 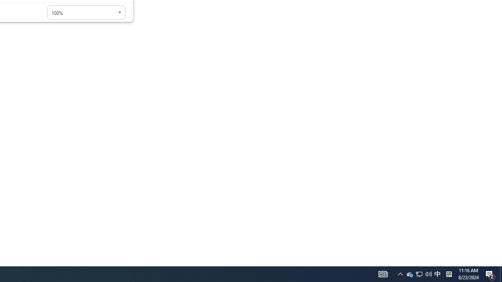 I want to click on 'Page zoom', so click(x=86, y=13).